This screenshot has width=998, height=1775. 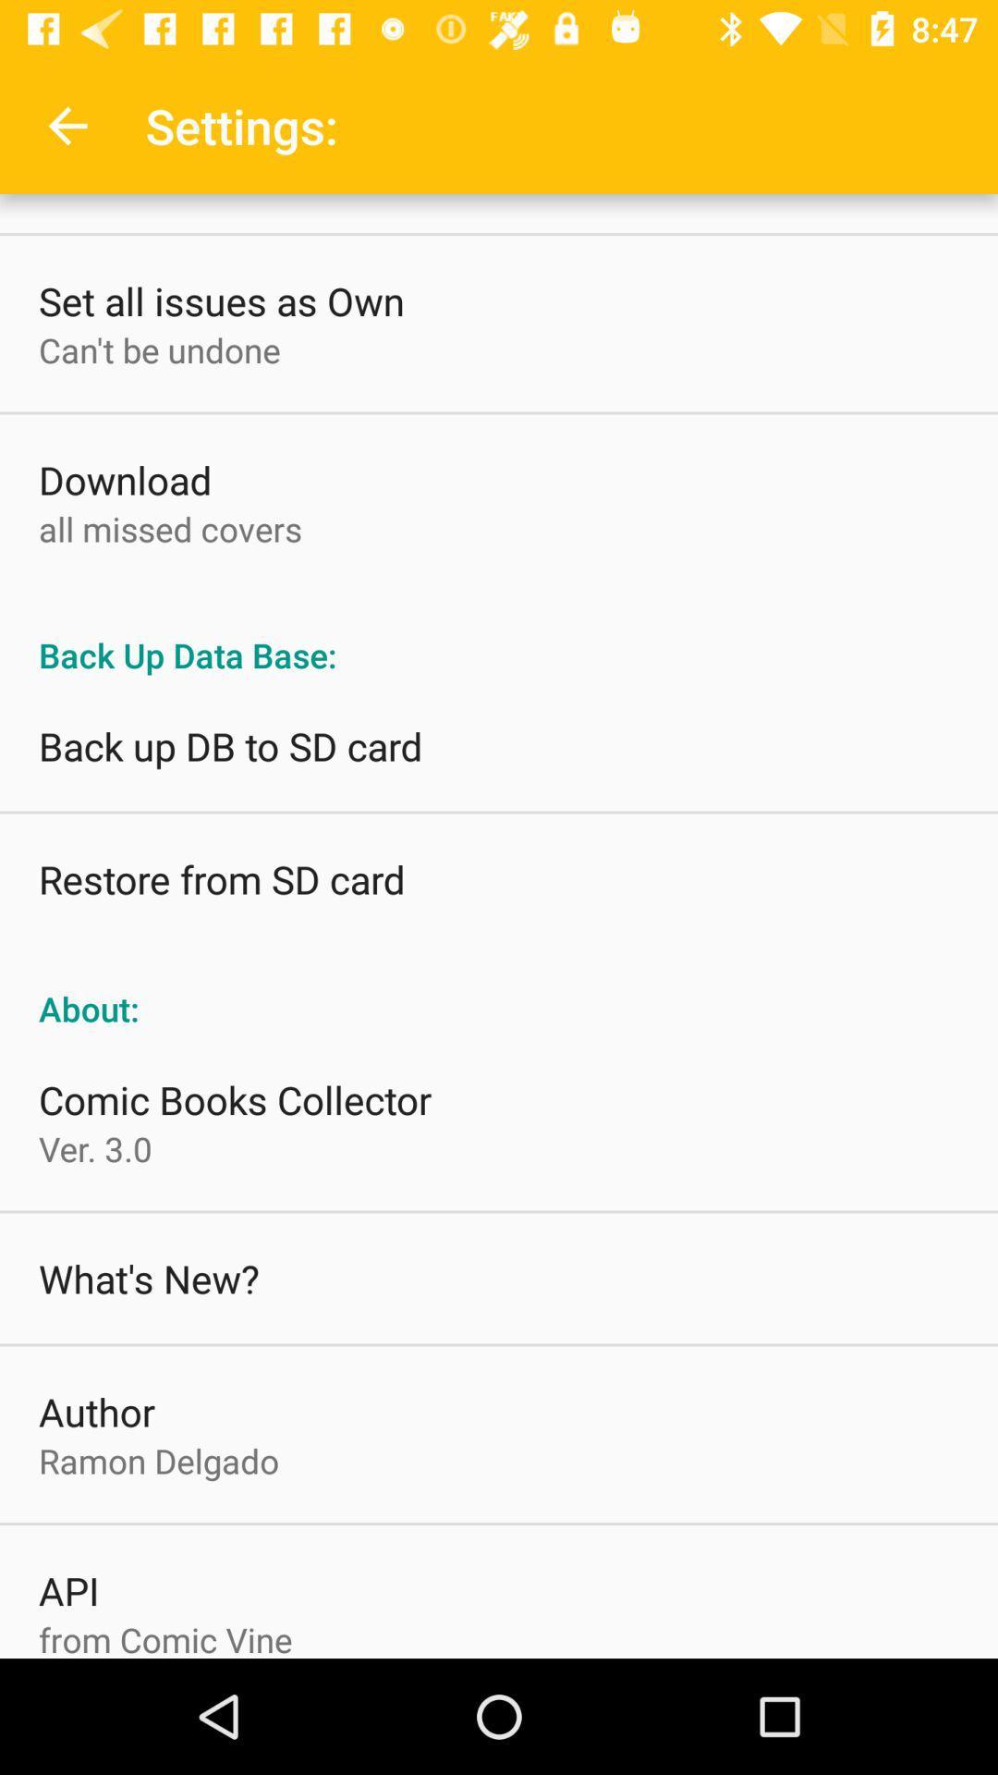 I want to click on comic books collector icon, so click(x=234, y=1099).